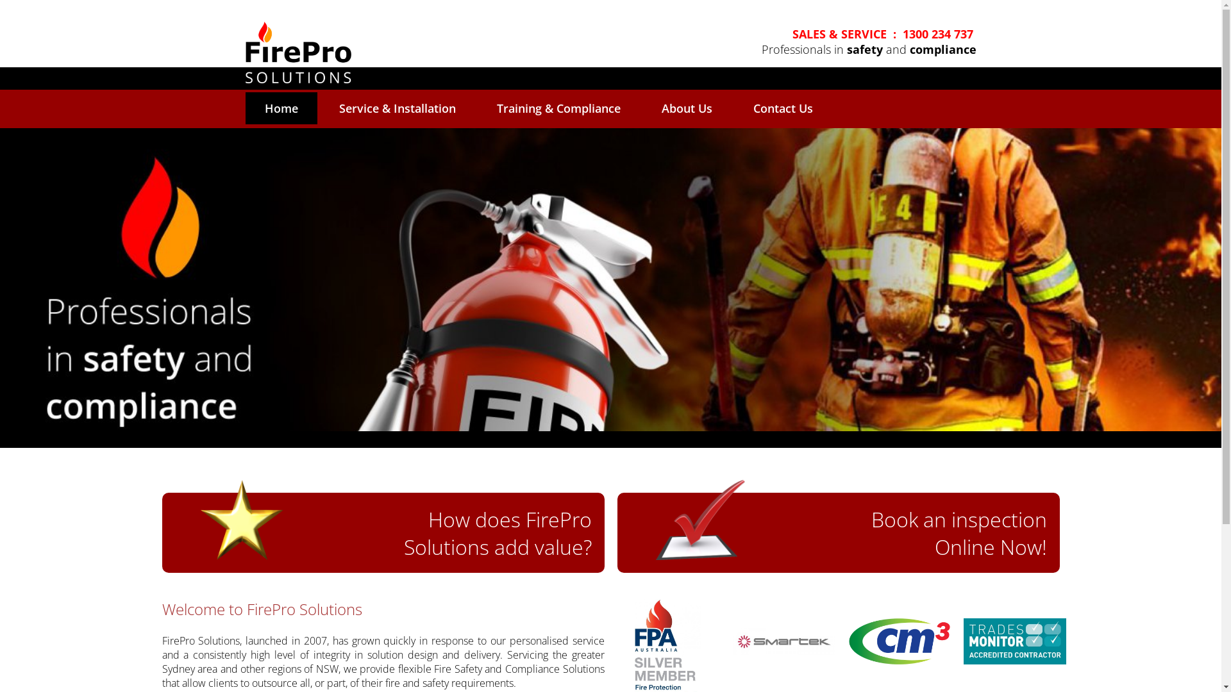 This screenshot has width=1231, height=692. What do you see at coordinates (733, 108) in the screenshot?
I see `'Contact Us'` at bounding box center [733, 108].